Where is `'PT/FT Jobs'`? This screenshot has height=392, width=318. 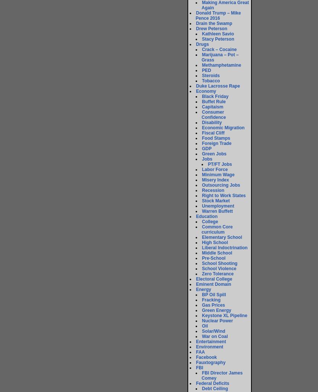
'PT/FT Jobs' is located at coordinates (219, 164).